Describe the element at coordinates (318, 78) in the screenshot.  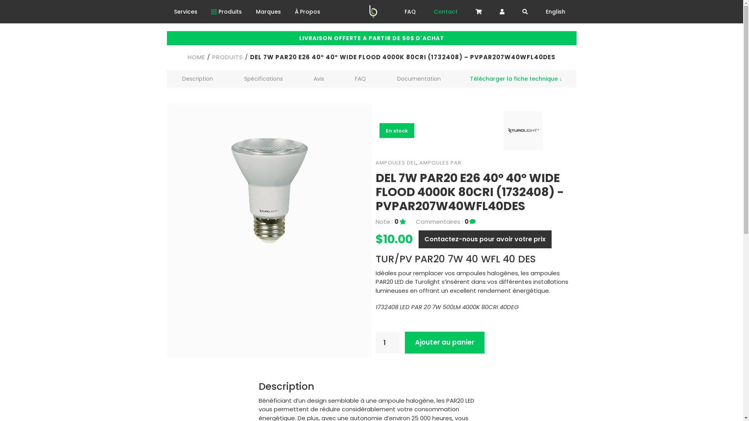
I see `'Avis'` at that location.